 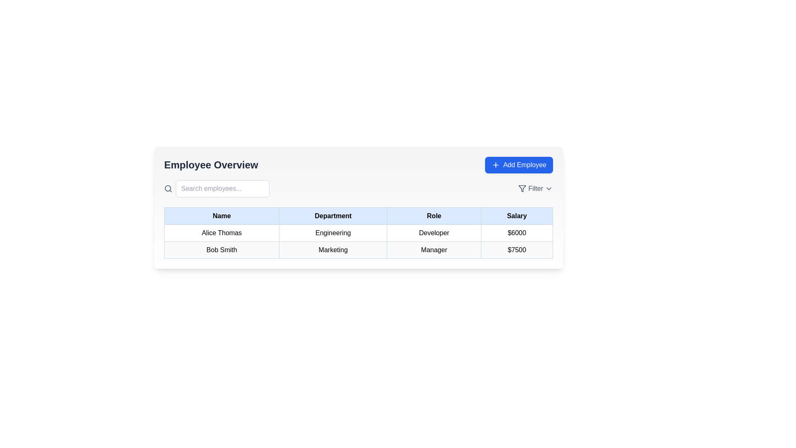 What do you see at coordinates (333, 233) in the screenshot?
I see `the table cell displaying 'Engineering', which is in the second column of the first data row, adjacent to 'Alice Thomas' on the left and 'Developer' on the right` at bounding box center [333, 233].